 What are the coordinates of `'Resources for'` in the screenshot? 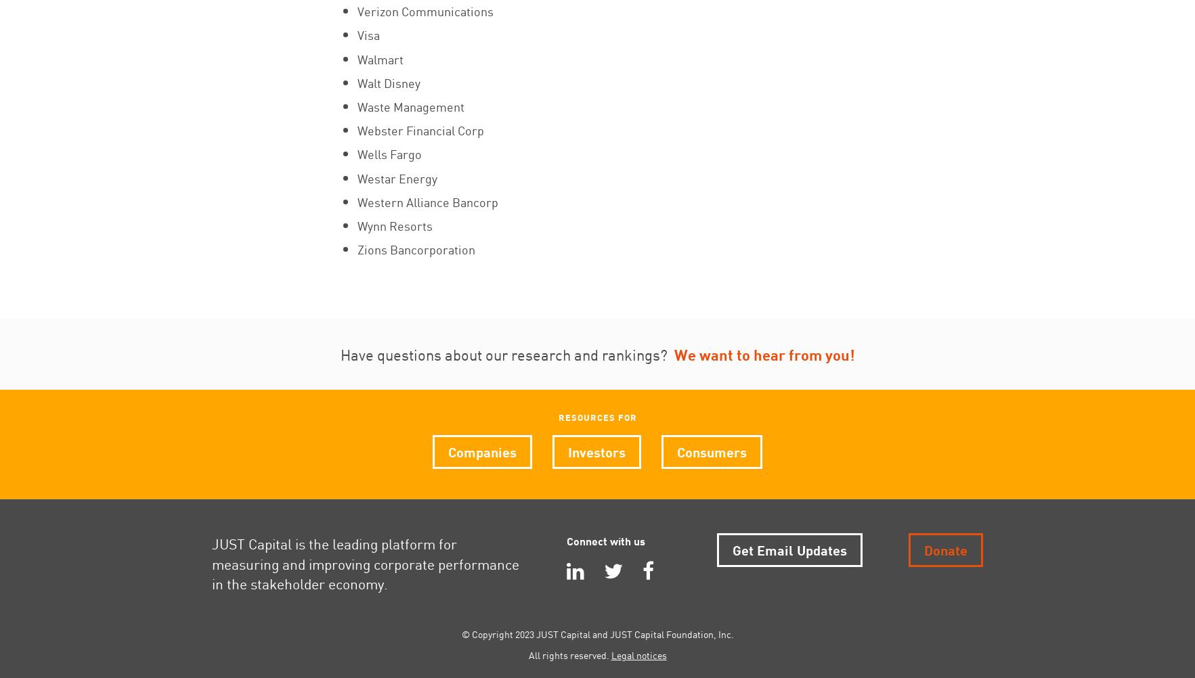 It's located at (596, 416).